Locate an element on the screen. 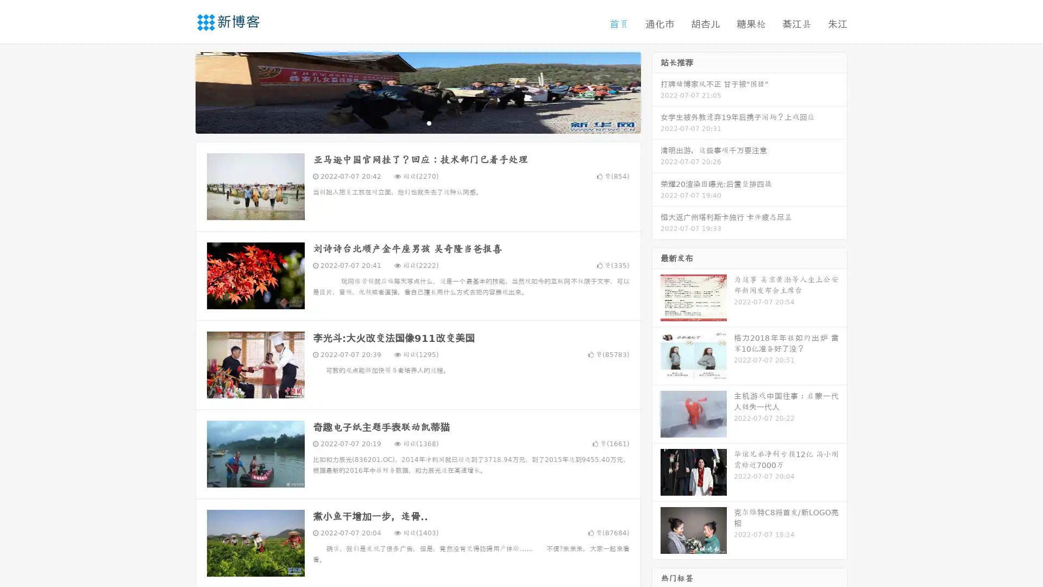 The height and width of the screenshot is (587, 1043). Go to slide 1 is located at coordinates (406, 122).